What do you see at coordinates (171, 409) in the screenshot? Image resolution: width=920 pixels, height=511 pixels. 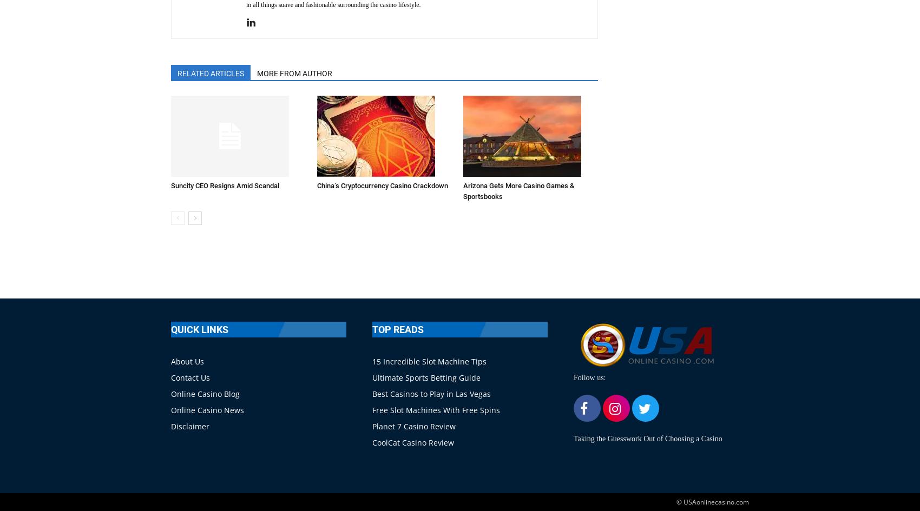 I see `'Online Casino News'` at bounding box center [171, 409].